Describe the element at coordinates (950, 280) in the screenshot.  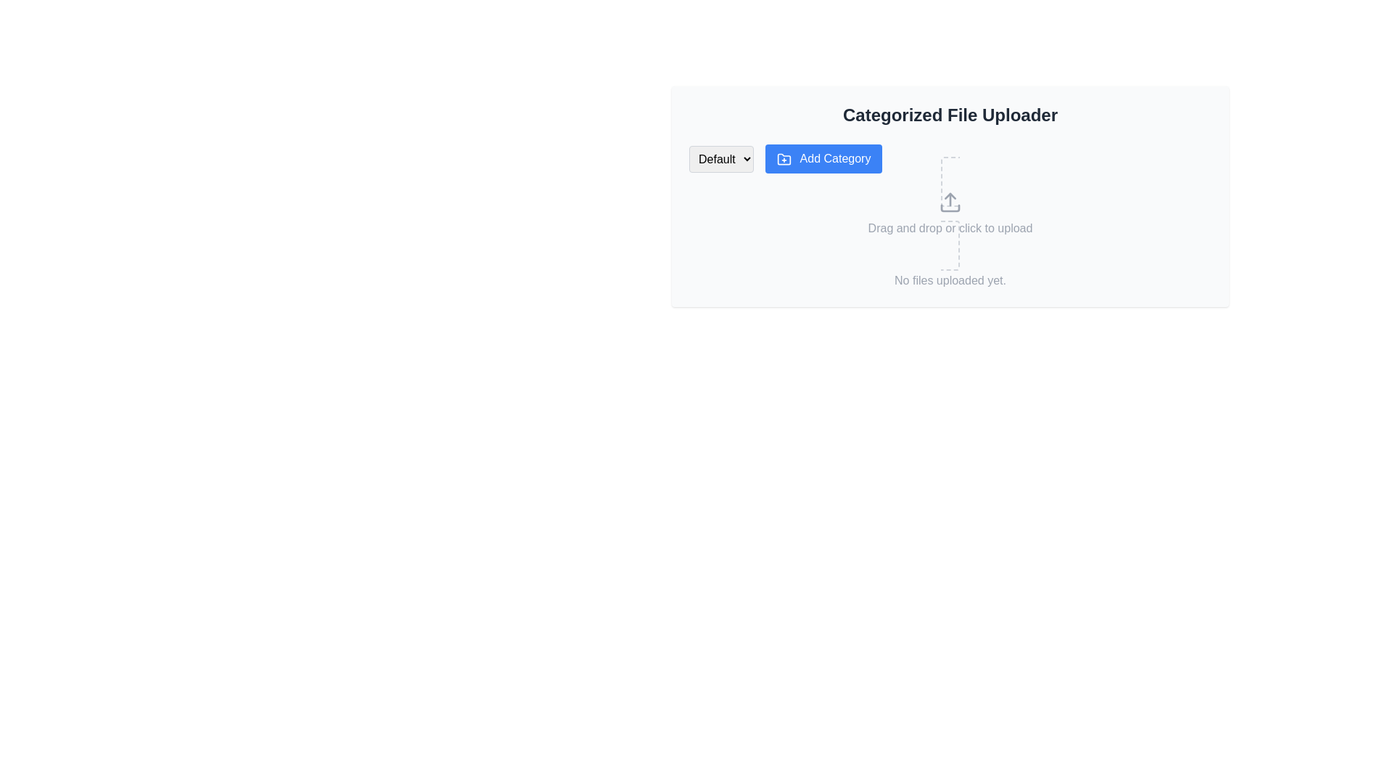
I see `text message 'No files uploaded yet.' displayed in light gray font at the bottom of the file uploader panel` at that location.